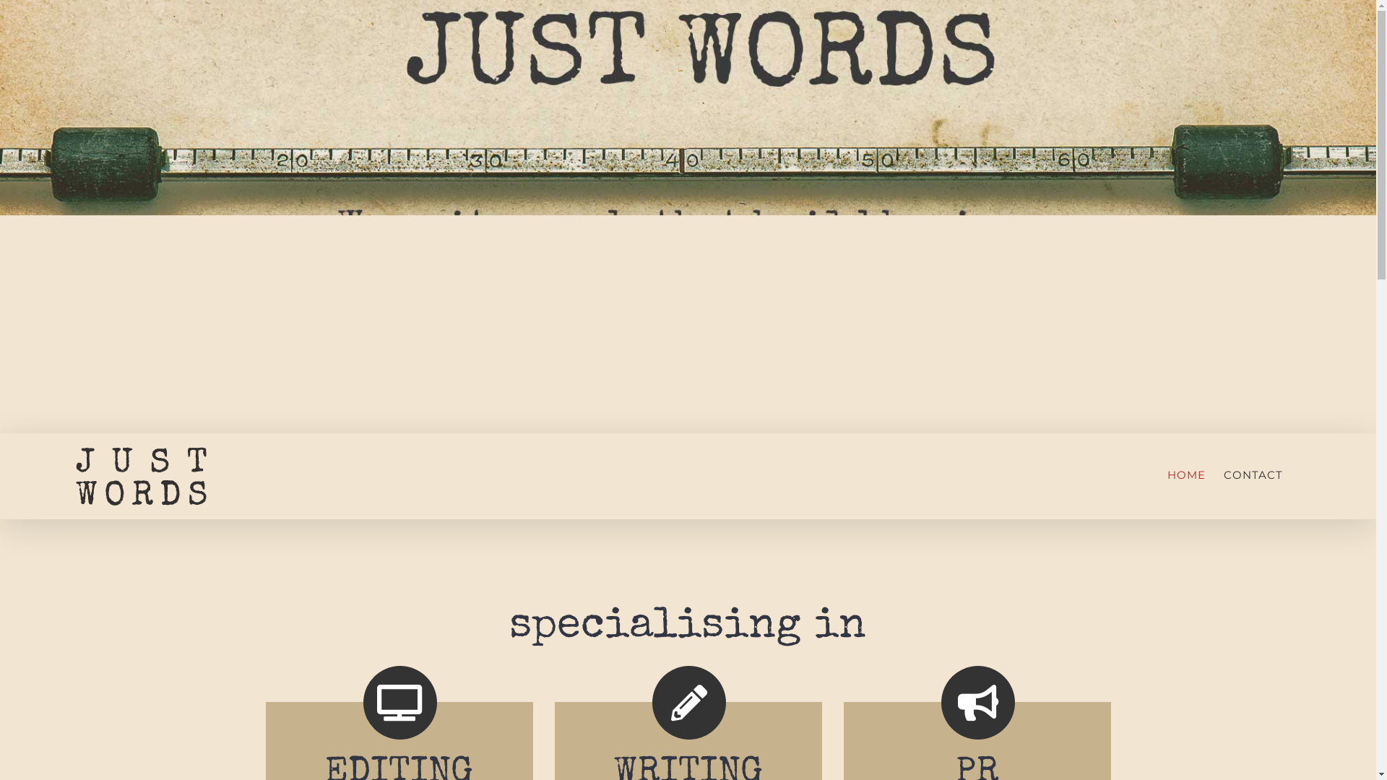  I want to click on 'CONTACT', so click(1252, 474).